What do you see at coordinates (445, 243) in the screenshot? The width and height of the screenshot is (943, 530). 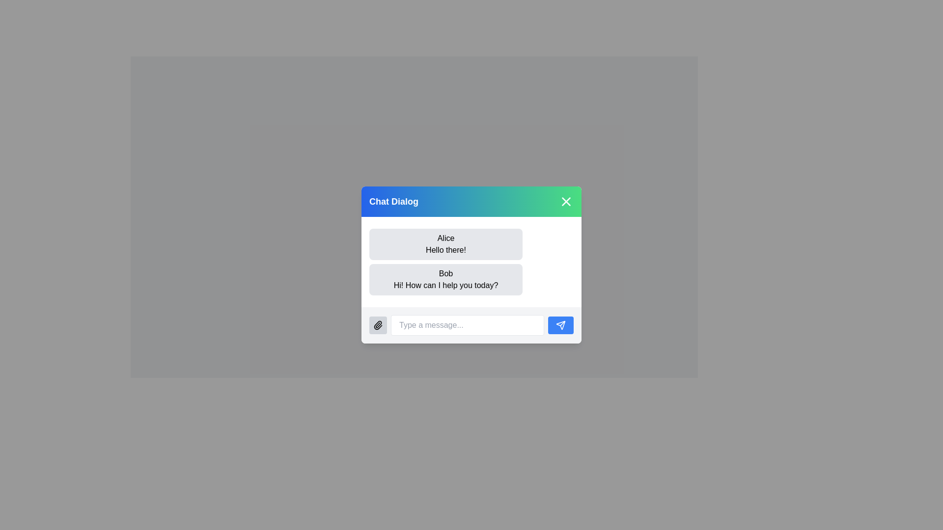 I see `the first chat message bubble from sender 'Alice' with a light gray background and rounded corners in the 'Chat Dialog' window` at bounding box center [445, 243].